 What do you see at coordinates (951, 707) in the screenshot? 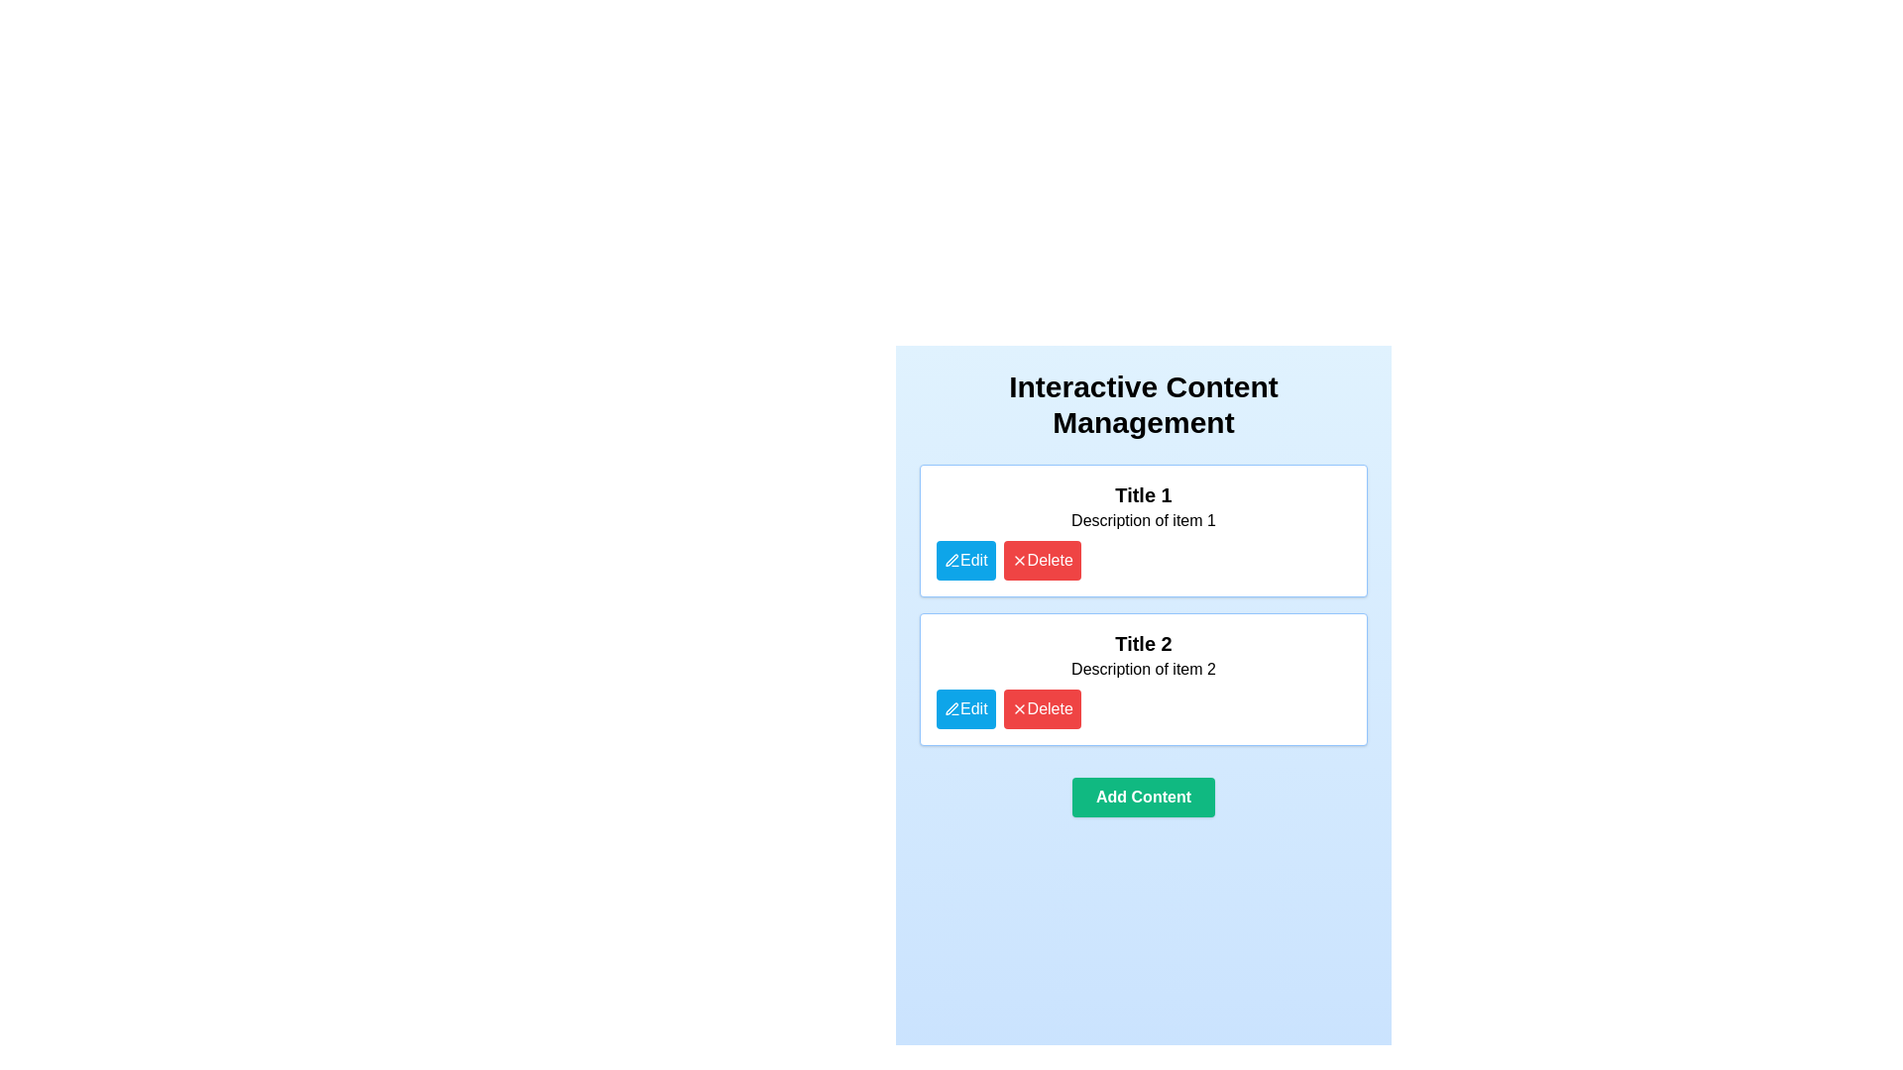
I see `the icon representing the editable action for the second content block labeled 'Title 2'` at bounding box center [951, 707].